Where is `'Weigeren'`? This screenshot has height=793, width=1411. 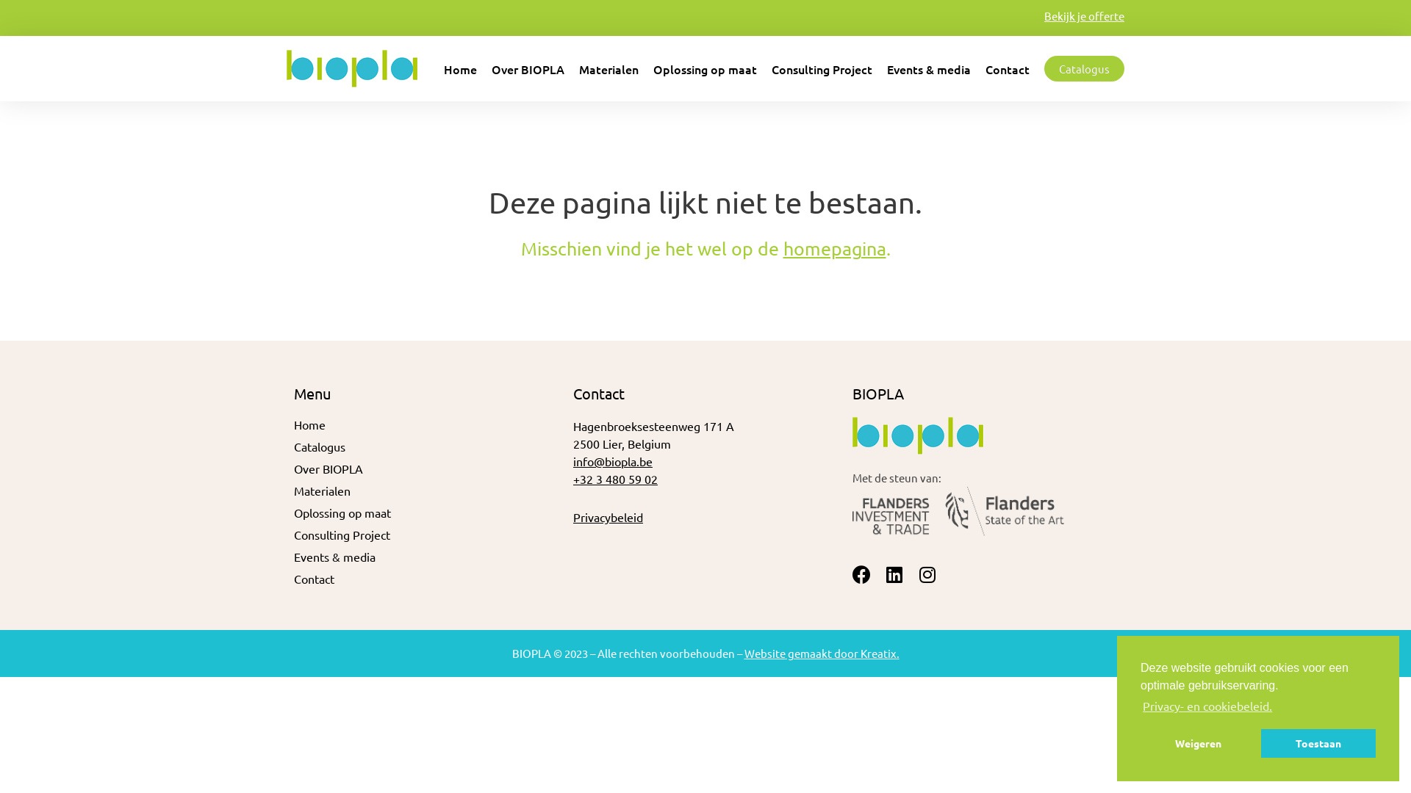 'Weigeren' is located at coordinates (1198, 742).